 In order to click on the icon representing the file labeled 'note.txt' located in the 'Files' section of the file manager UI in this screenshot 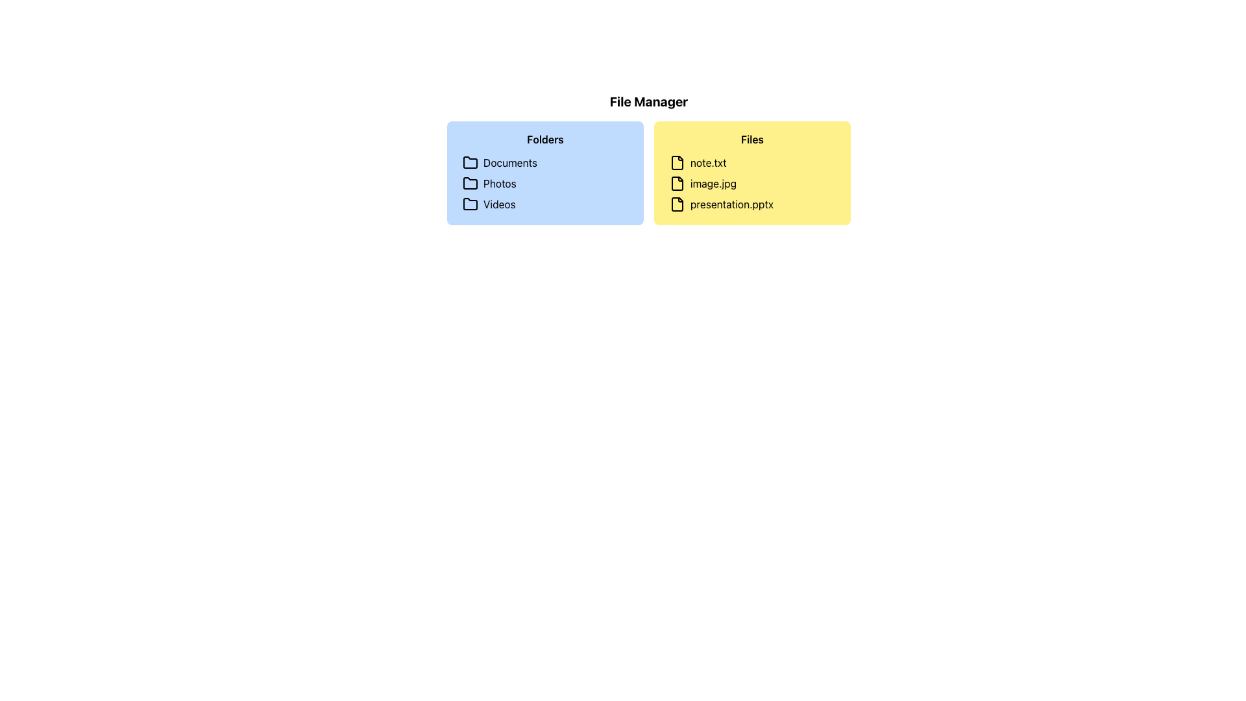, I will do `click(676, 162)`.